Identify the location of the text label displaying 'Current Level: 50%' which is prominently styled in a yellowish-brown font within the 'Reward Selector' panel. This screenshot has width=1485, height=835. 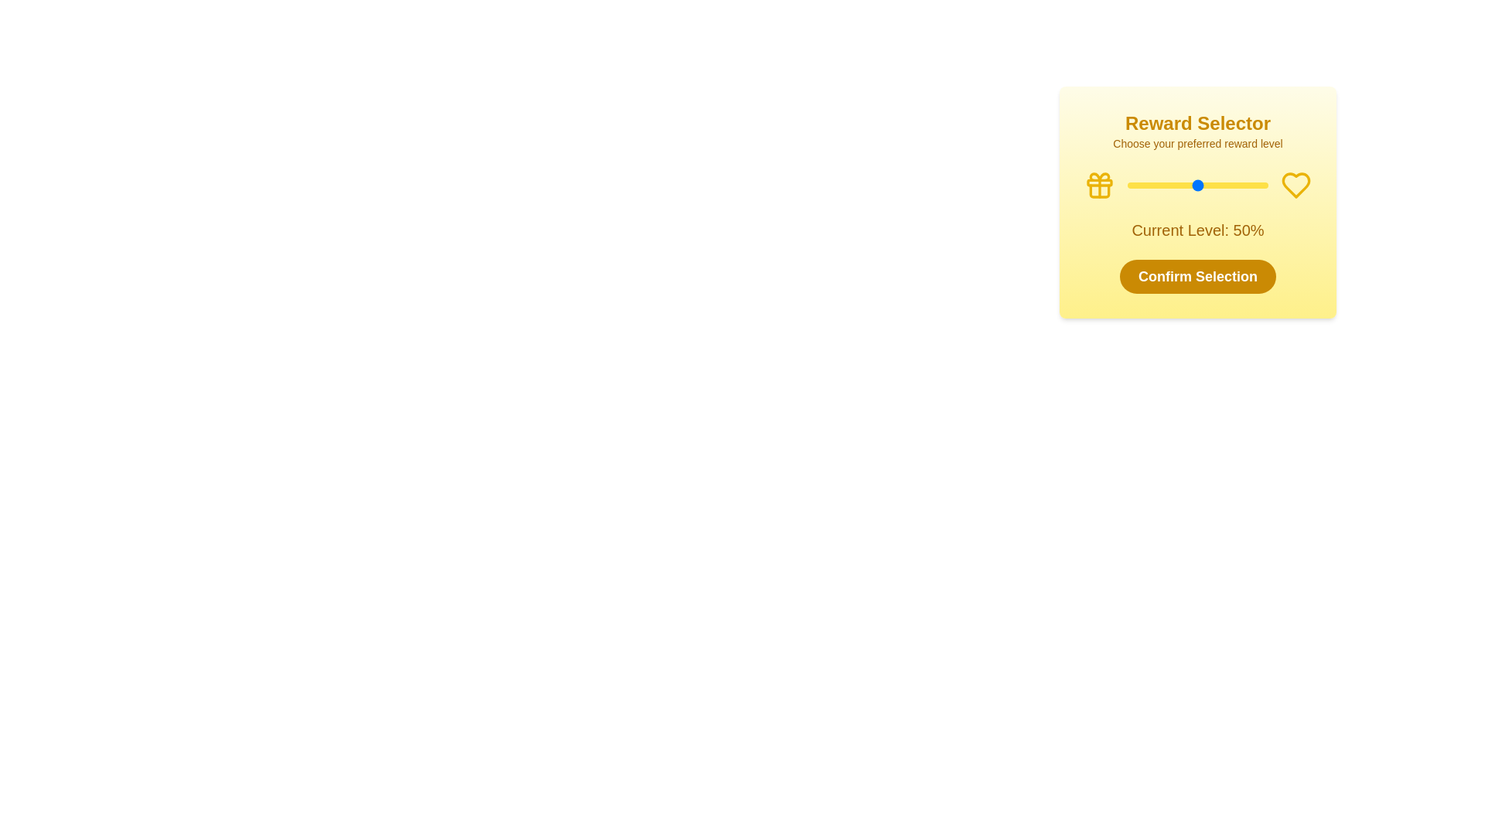
(1197, 230).